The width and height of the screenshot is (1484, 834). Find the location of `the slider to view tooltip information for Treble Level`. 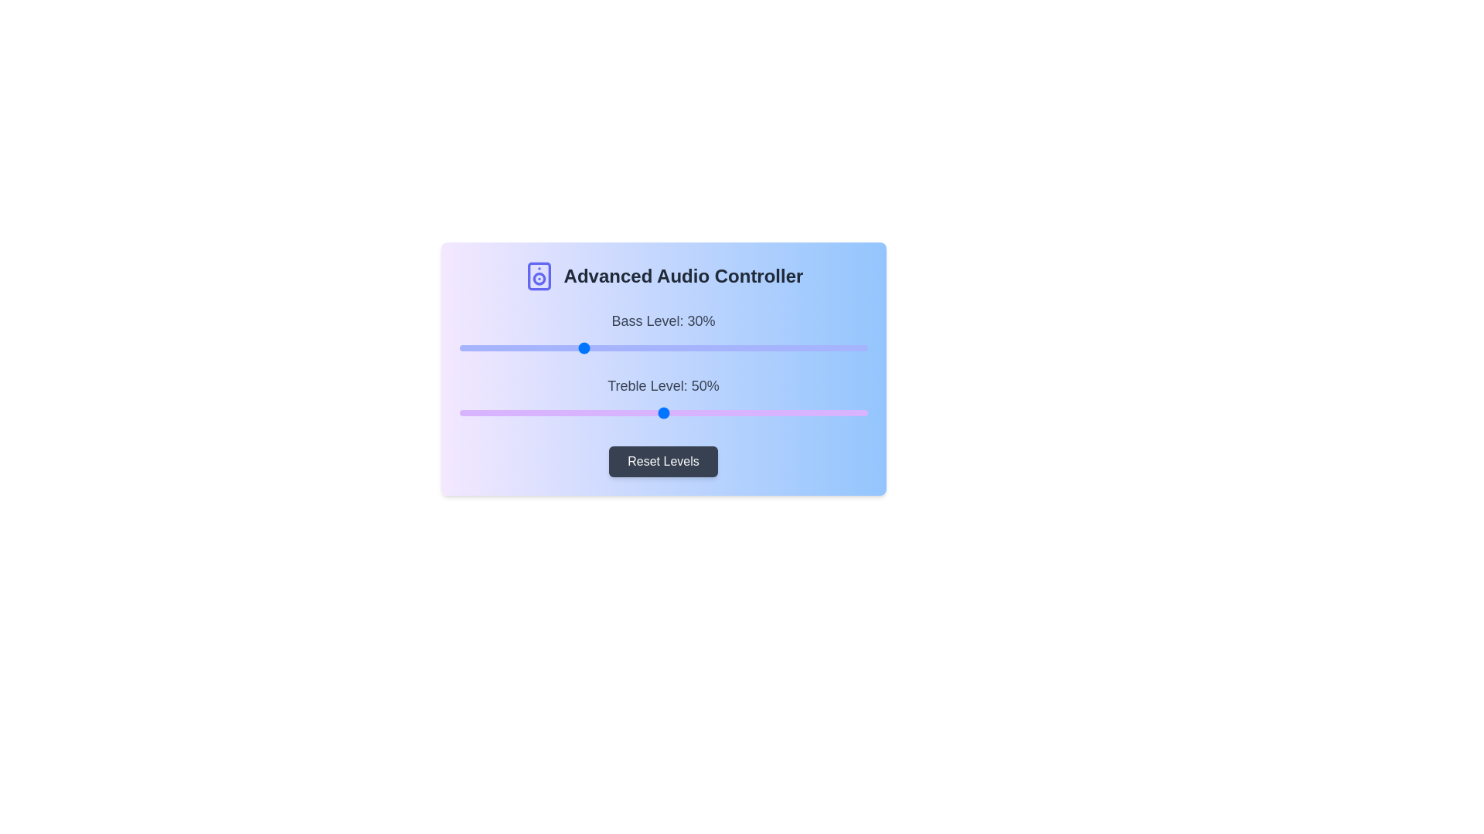

the slider to view tooltip information for Treble Level is located at coordinates (663, 412).